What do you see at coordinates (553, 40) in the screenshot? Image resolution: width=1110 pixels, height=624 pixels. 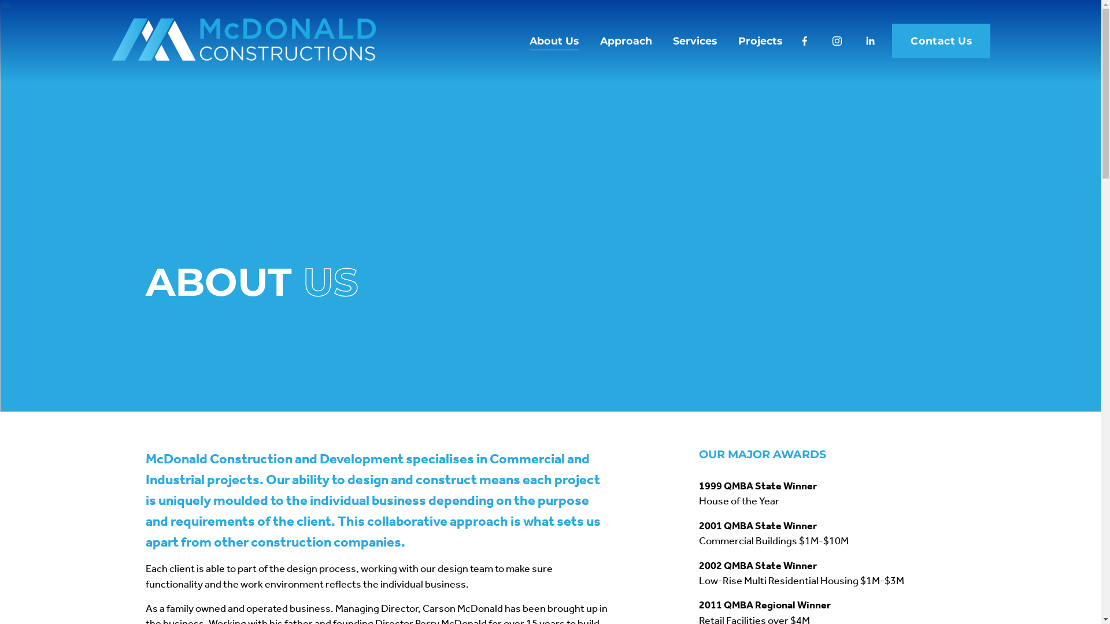 I see `'About Us'` at bounding box center [553, 40].